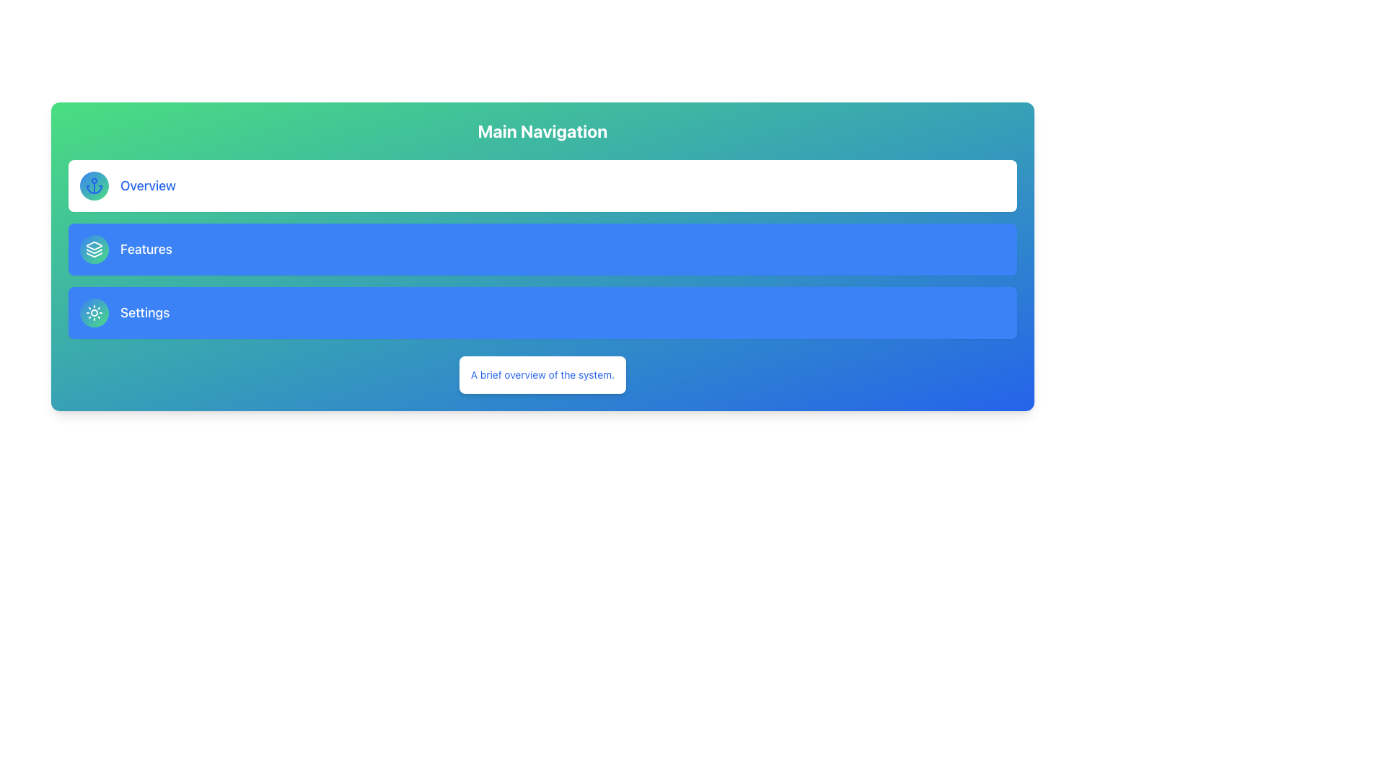  I want to click on the 'Settings' icon in the navigation menu, so click(93, 312).